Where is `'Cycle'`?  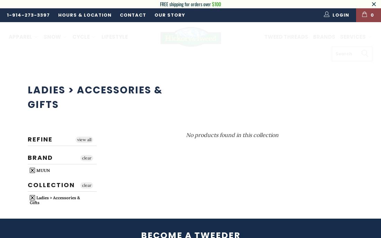 'Cycle' is located at coordinates (81, 36).